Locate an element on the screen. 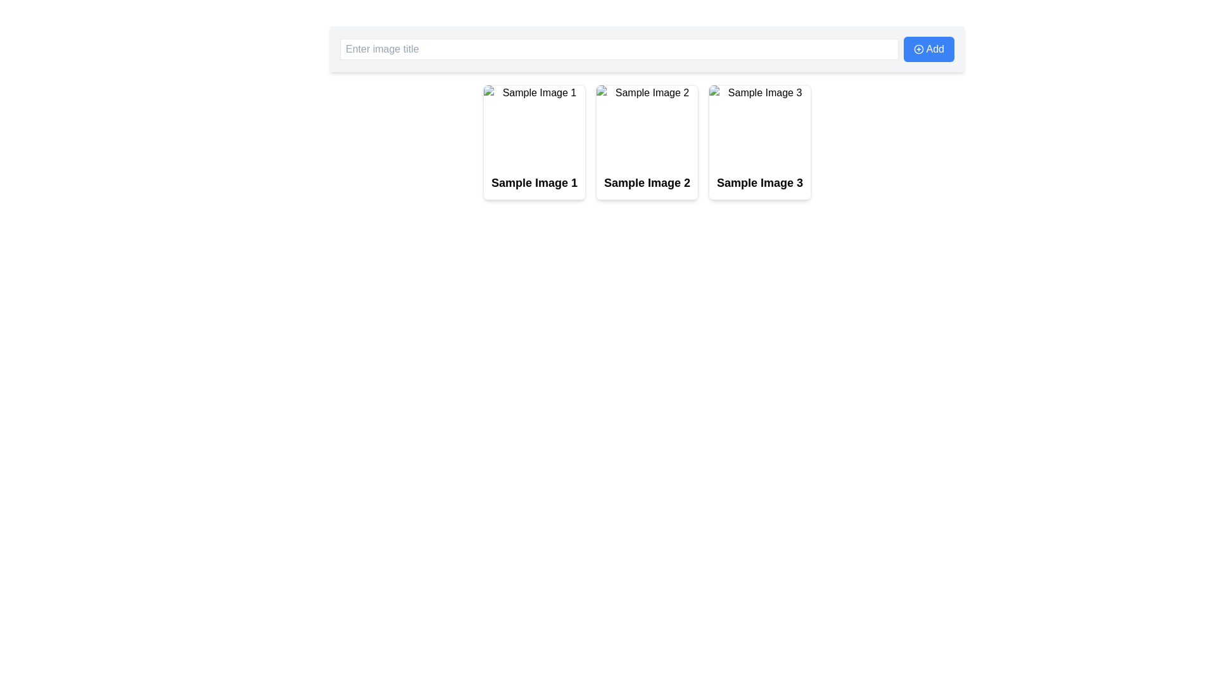 Image resolution: width=1216 pixels, height=684 pixels. bold text label 'Sample Image 1' located at the bottom of the first white card in a series of three cards is located at coordinates (534, 183).